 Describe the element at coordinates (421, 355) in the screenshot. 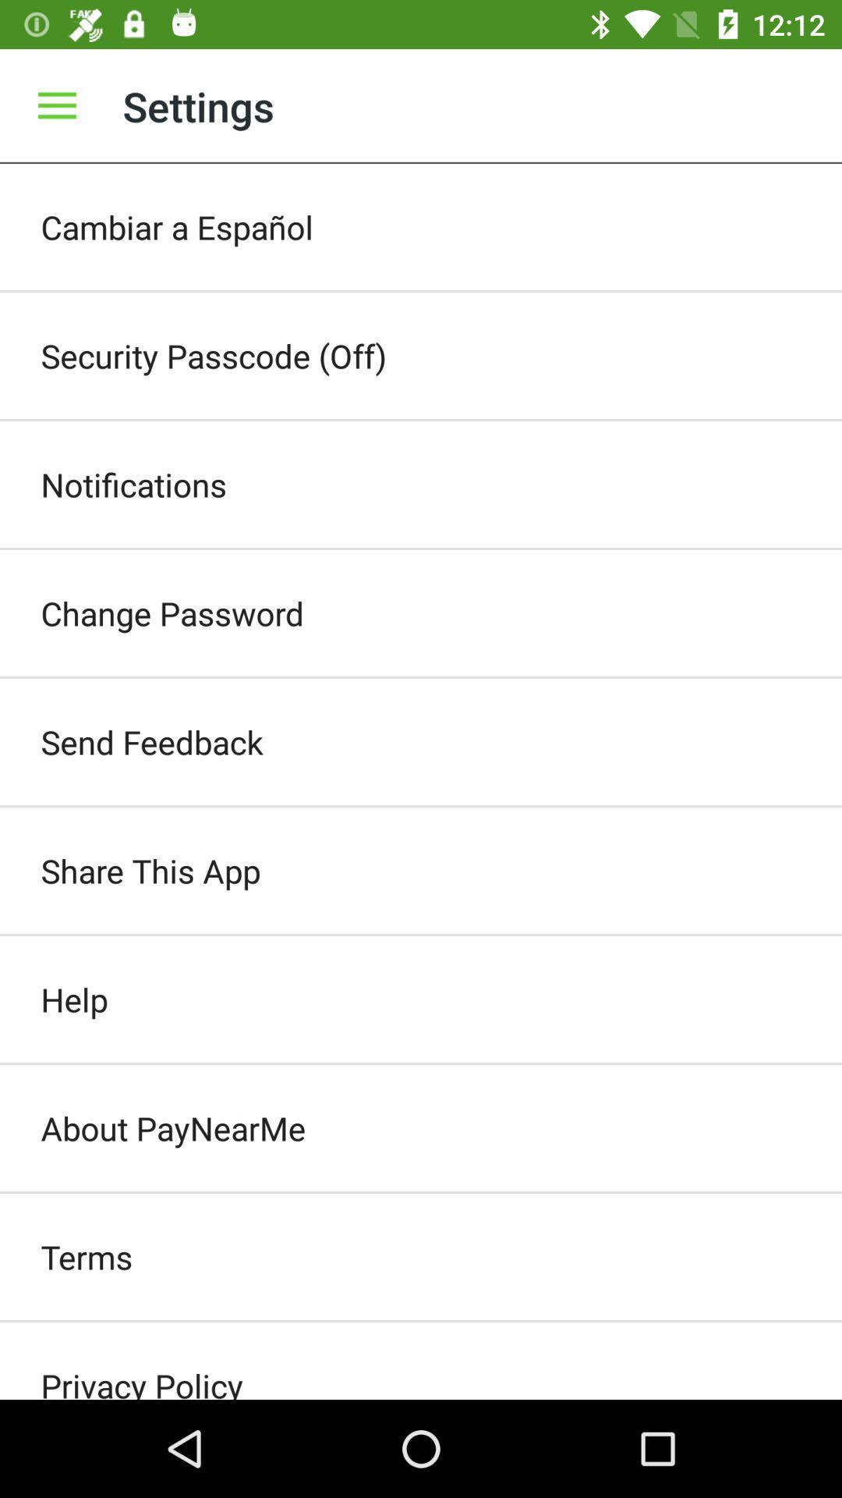

I see `security passcode (off) icon` at that location.